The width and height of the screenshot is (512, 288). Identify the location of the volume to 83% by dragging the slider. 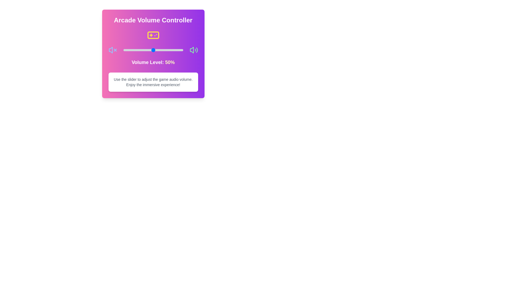
(173, 50).